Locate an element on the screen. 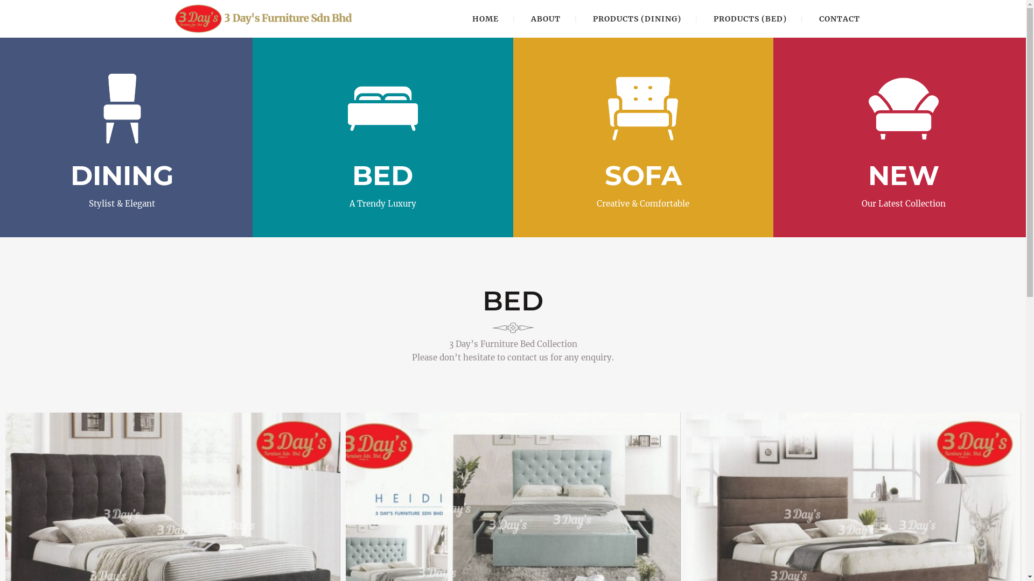  'HOME' is located at coordinates (485, 18).